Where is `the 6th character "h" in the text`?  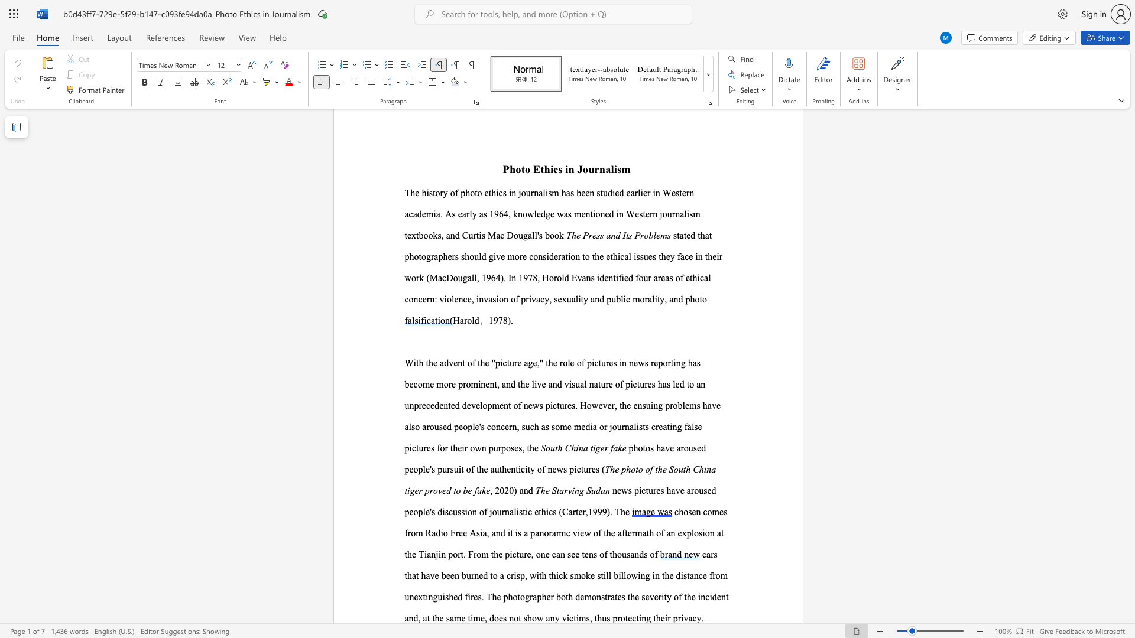
the 6th character "h" in the text is located at coordinates (657, 617).